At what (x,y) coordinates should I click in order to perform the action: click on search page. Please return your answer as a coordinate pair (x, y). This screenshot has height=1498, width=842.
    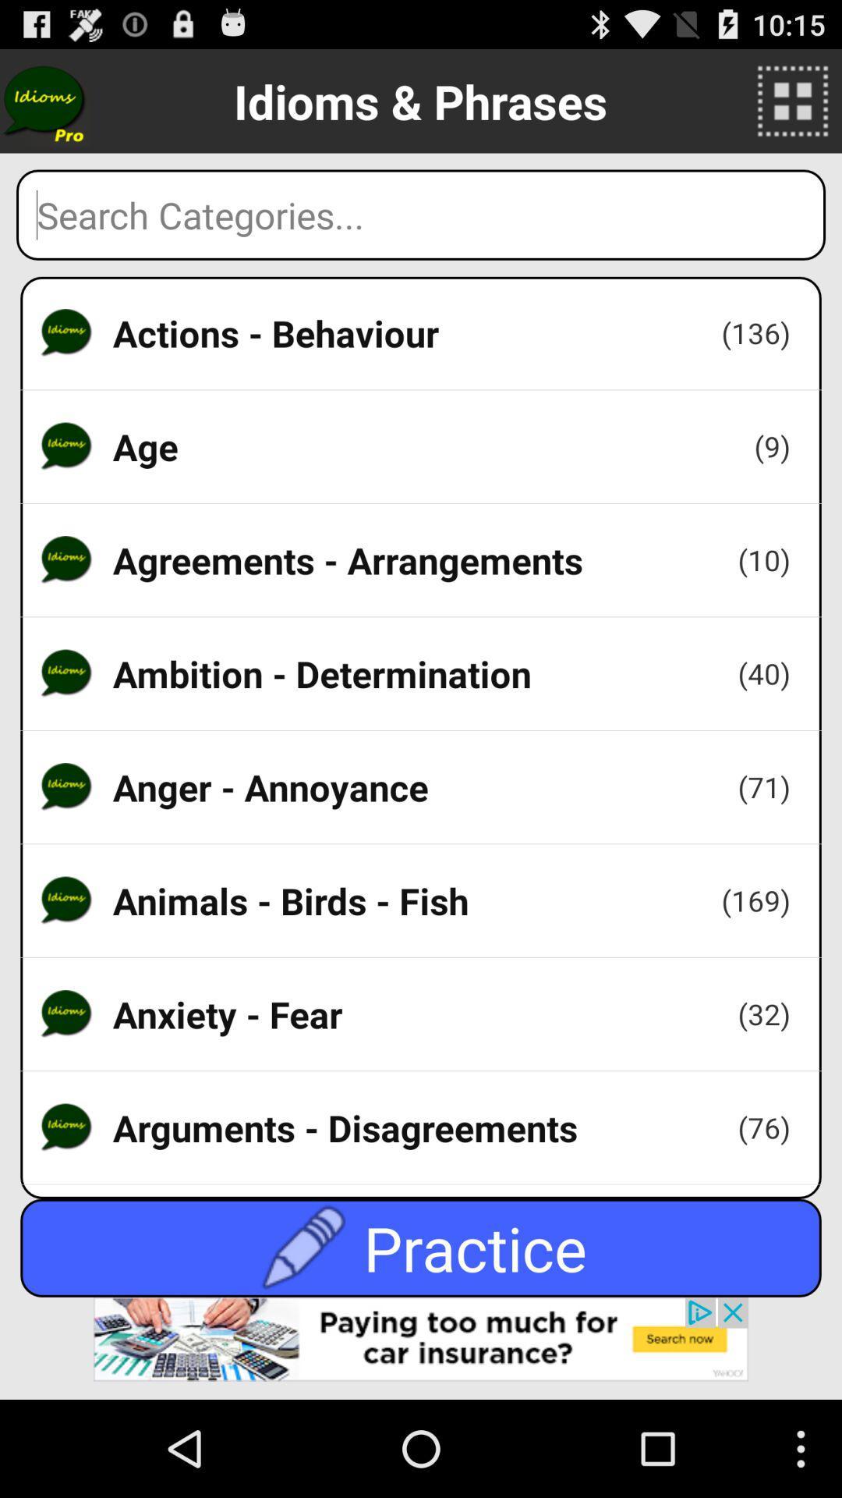
    Looking at the image, I should click on (421, 214).